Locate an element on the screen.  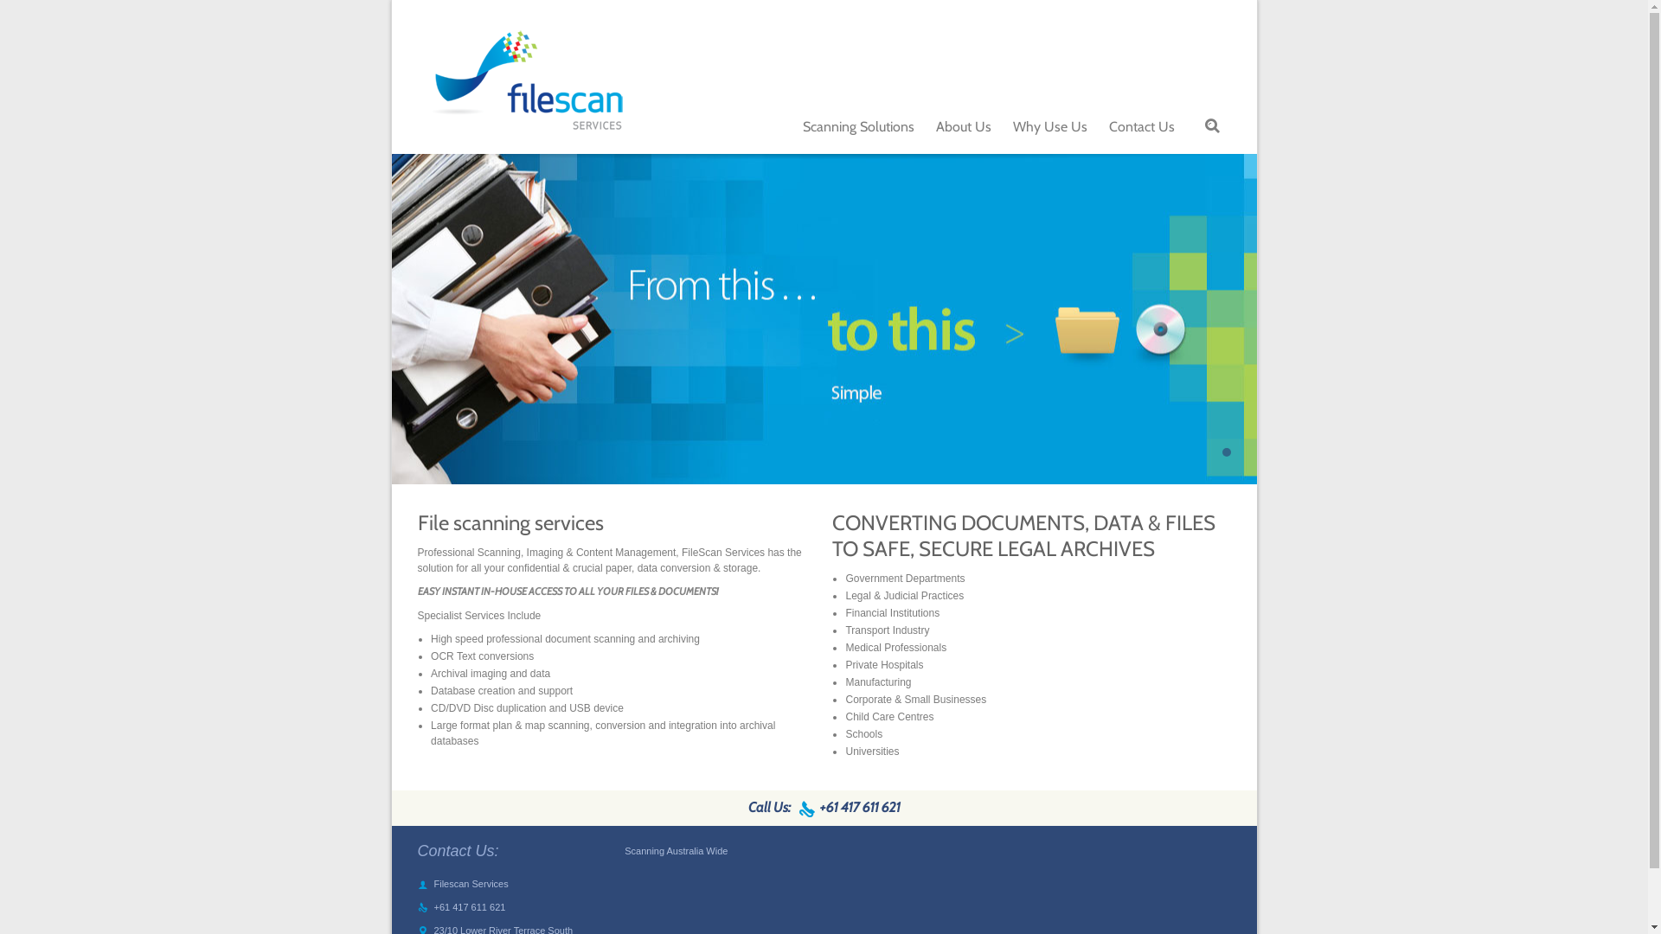
'Filescan' is located at coordinates (523, 86).